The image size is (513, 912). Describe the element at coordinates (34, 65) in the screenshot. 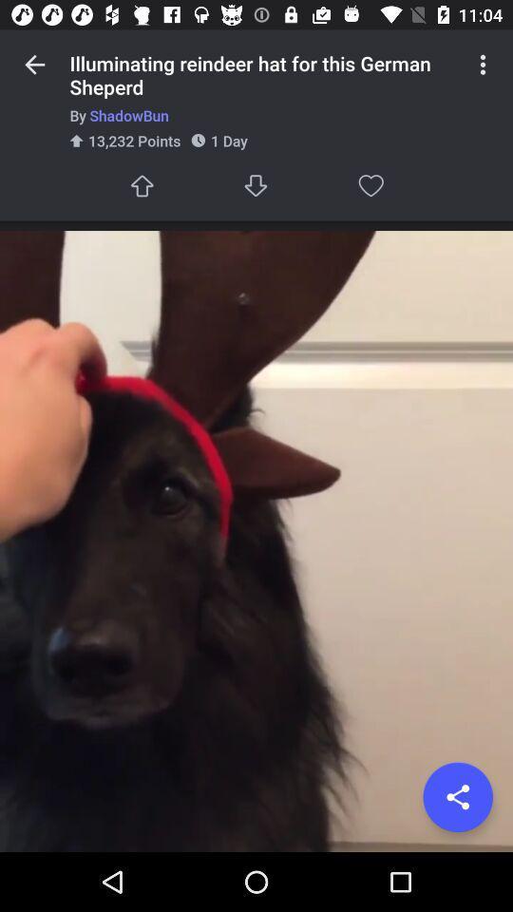

I see `item next to illuminating reindeer hat` at that location.